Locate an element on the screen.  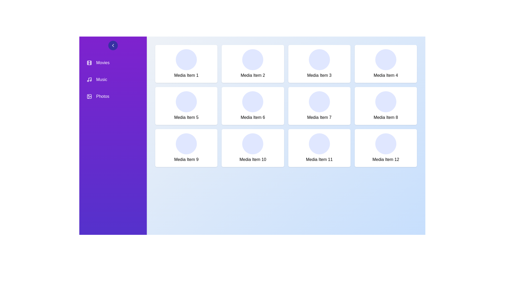
the sidebar item labeled Music to see its hover effect is located at coordinates (113, 80).